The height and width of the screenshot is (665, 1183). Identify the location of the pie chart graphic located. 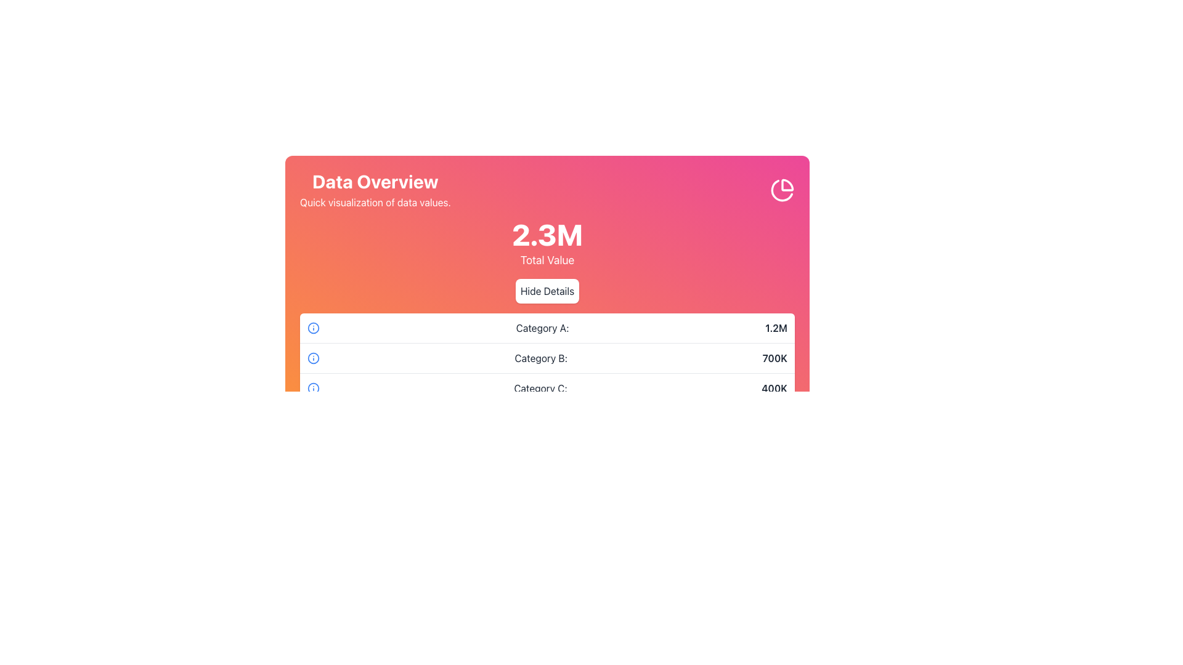
(782, 190).